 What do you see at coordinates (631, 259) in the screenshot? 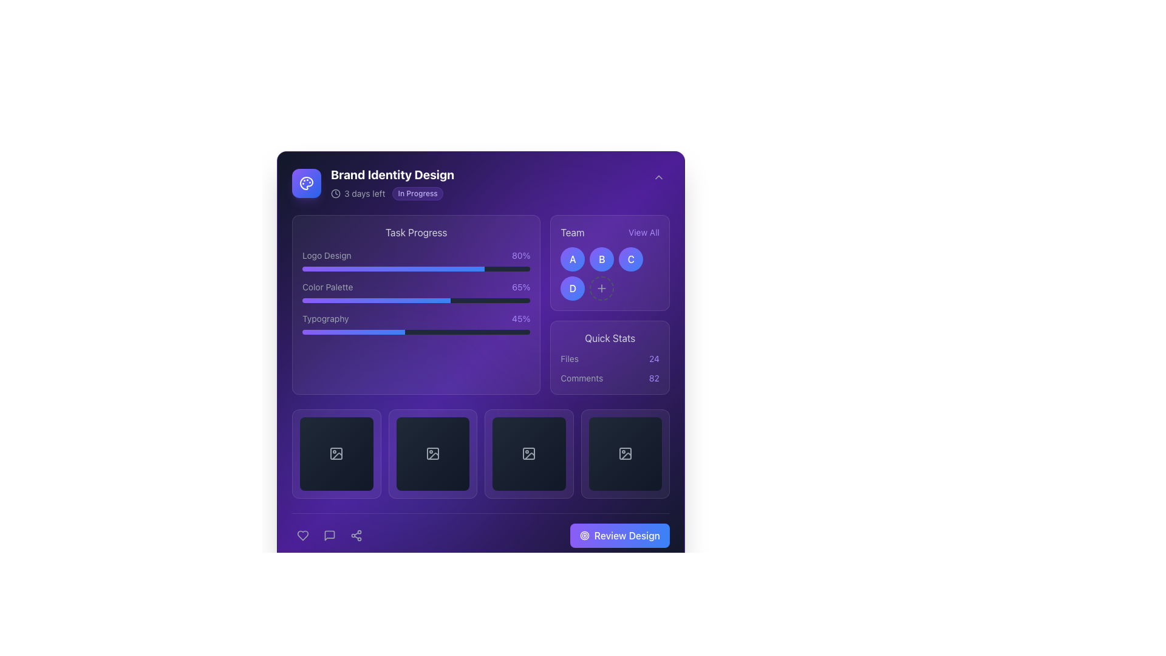
I see `the third circular button labeled 'C' in the 'Team' section, which serves as an avatar or label indicator` at bounding box center [631, 259].